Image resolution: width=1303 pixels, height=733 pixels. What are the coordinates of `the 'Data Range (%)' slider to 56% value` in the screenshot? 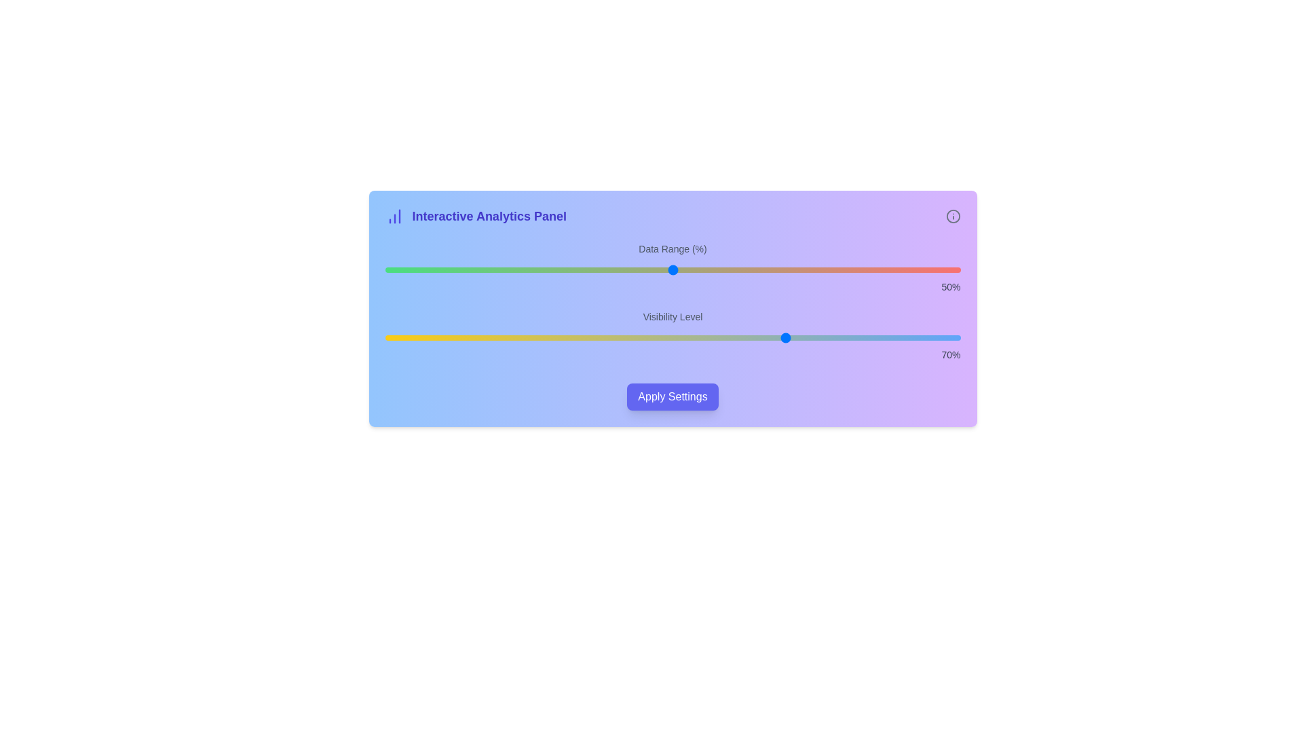 It's located at (706, 269).